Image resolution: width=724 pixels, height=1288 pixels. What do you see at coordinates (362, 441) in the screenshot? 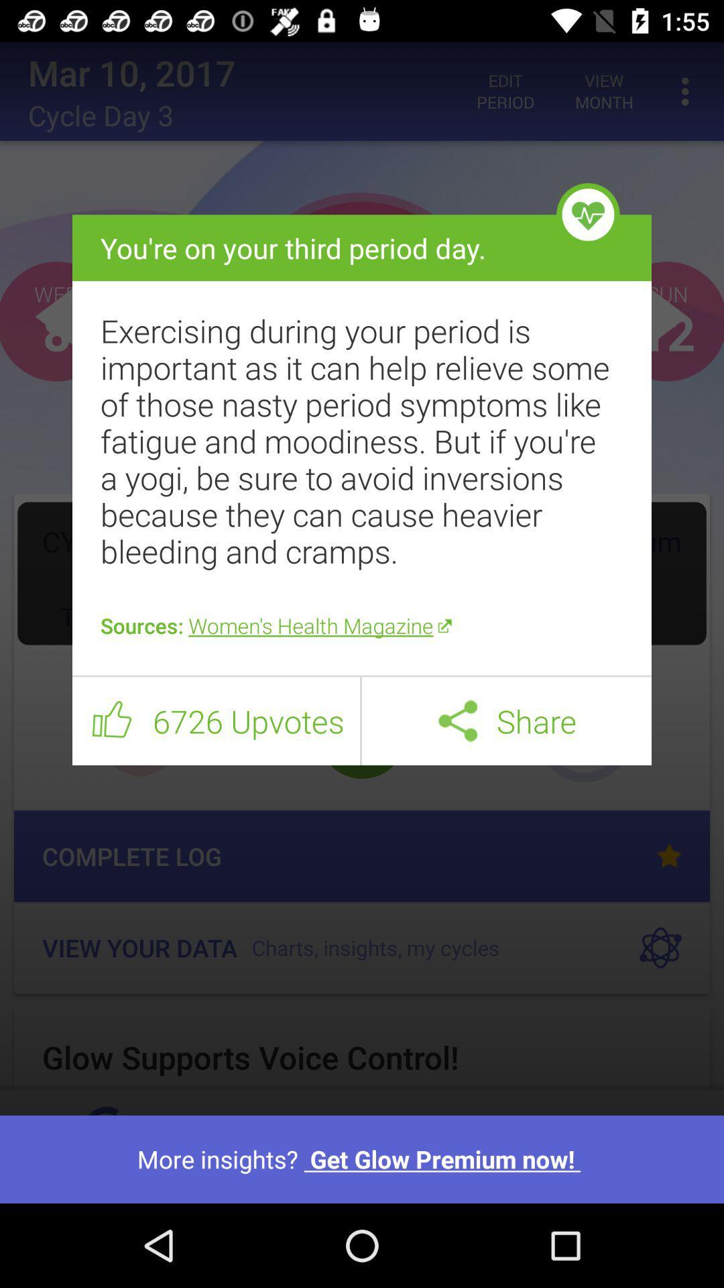
I see `item above the sources women s` at bounding box center [362, 441].